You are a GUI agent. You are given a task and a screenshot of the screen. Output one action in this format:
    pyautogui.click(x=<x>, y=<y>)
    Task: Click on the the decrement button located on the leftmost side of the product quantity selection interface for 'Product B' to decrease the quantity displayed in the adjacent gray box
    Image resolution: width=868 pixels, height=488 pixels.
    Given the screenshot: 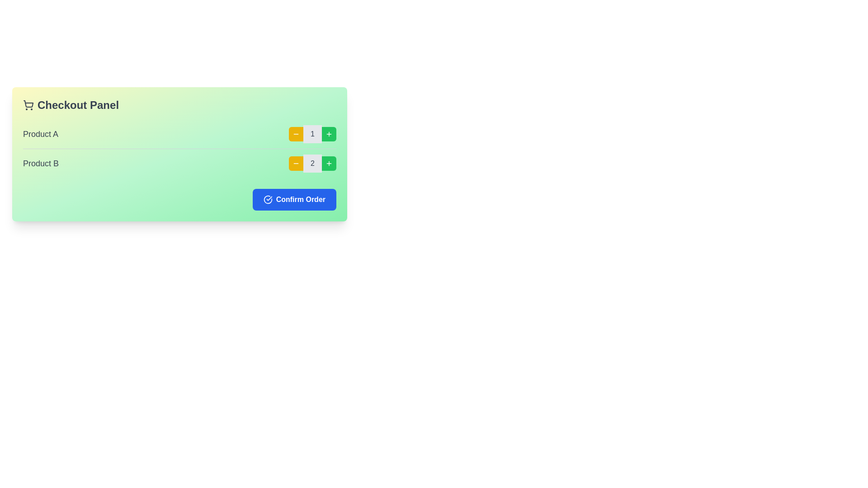 What is the action you would take?
    pyautogui.click(x=296, y=164)
    